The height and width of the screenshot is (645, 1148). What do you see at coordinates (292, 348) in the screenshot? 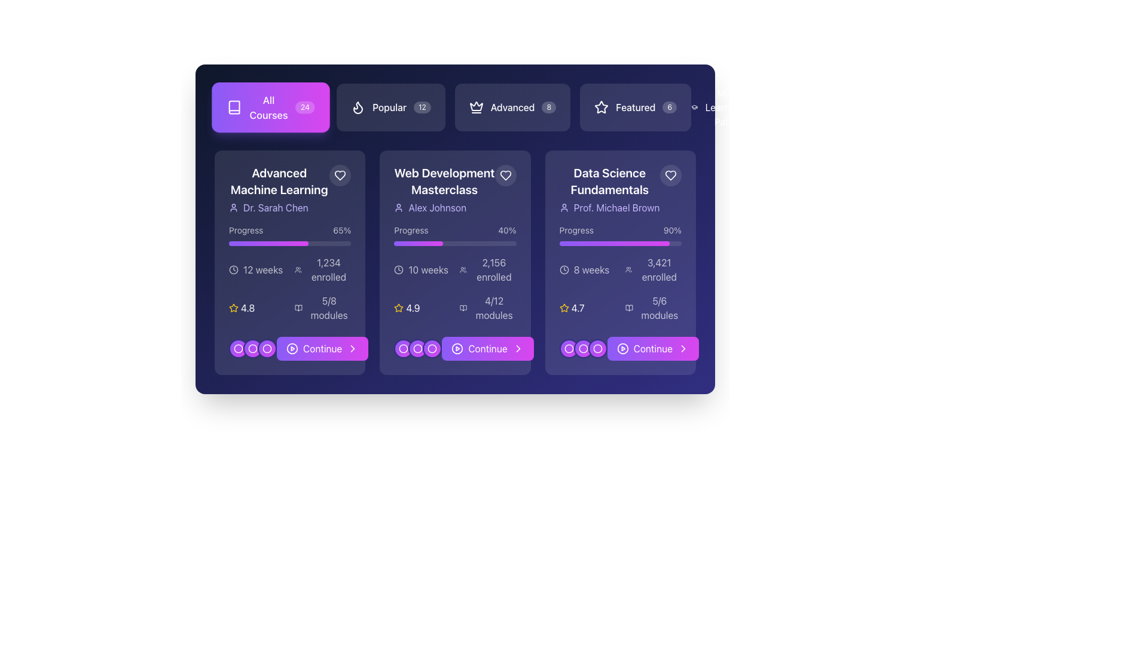
I see `the Decorative SVG circle that represents a play or action icon within the 'Continue' button of the 'Advanced Machine Learning' course card, located at the bottom left of the component` at bounding box center [292, 348].